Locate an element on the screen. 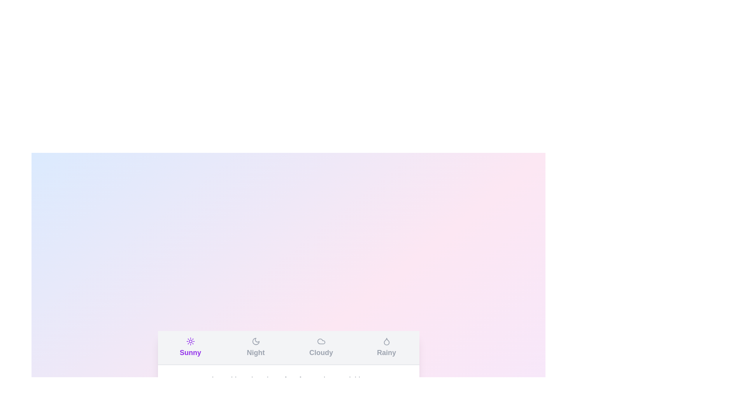 This screenshot has height=420, width=747. the tab labeled Cloudy to switch to the respective weather condition is located at coordinates (321, 347).